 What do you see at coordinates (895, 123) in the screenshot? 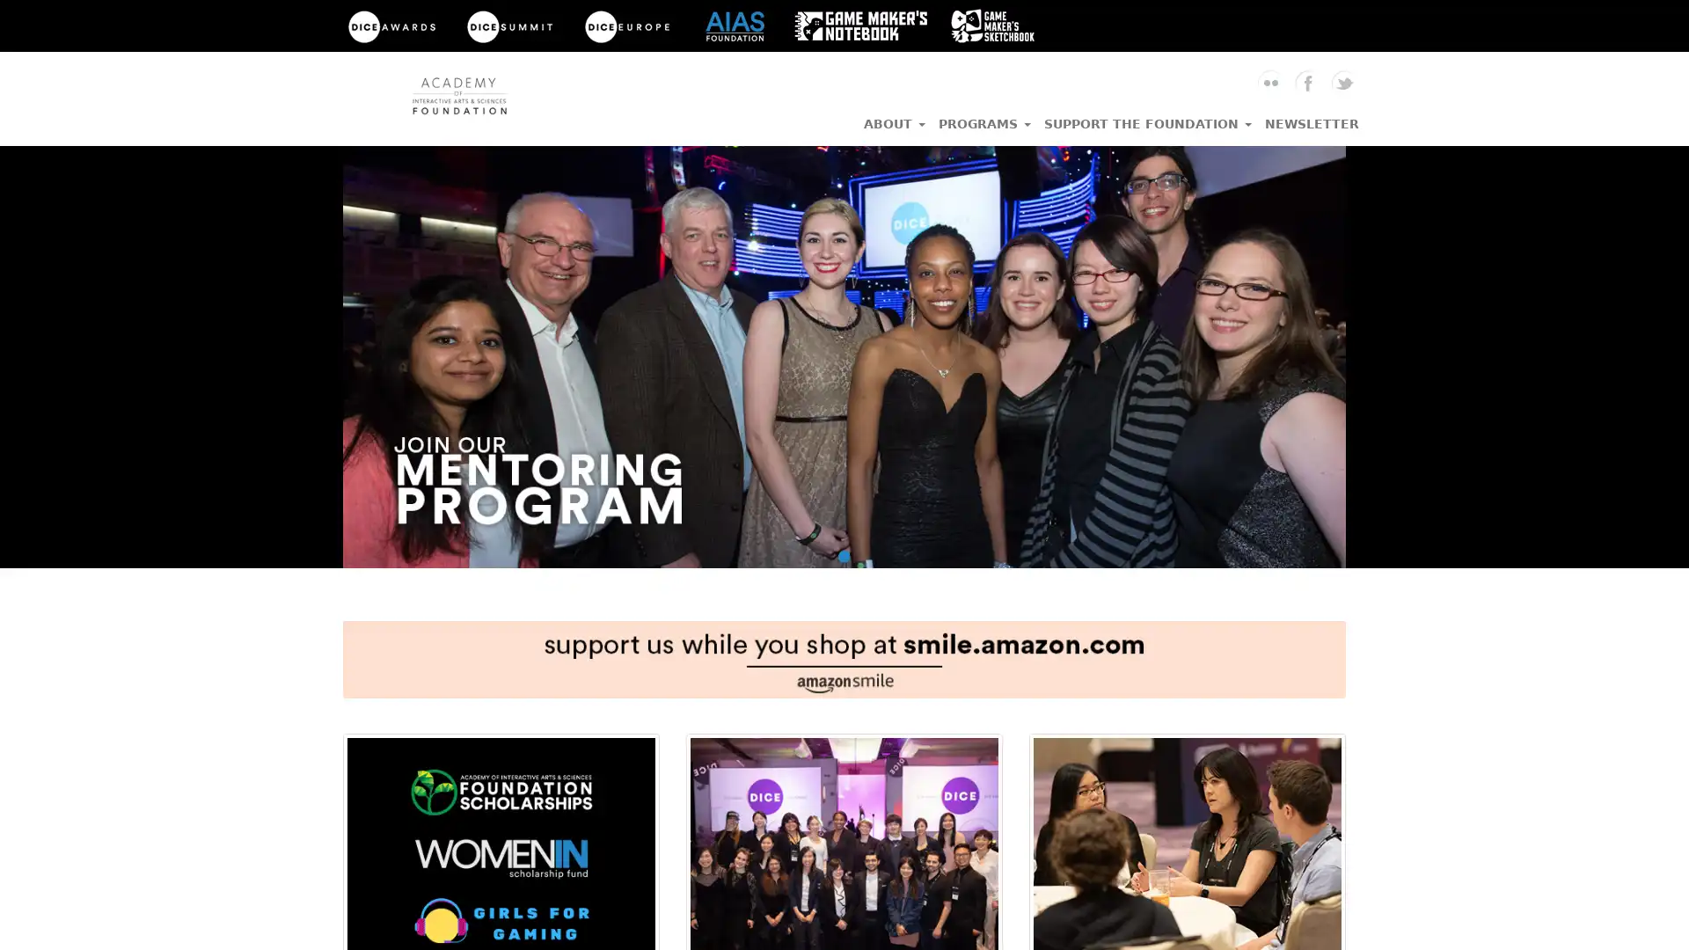
I see `ABOUT` at bounding box center [895, 123].